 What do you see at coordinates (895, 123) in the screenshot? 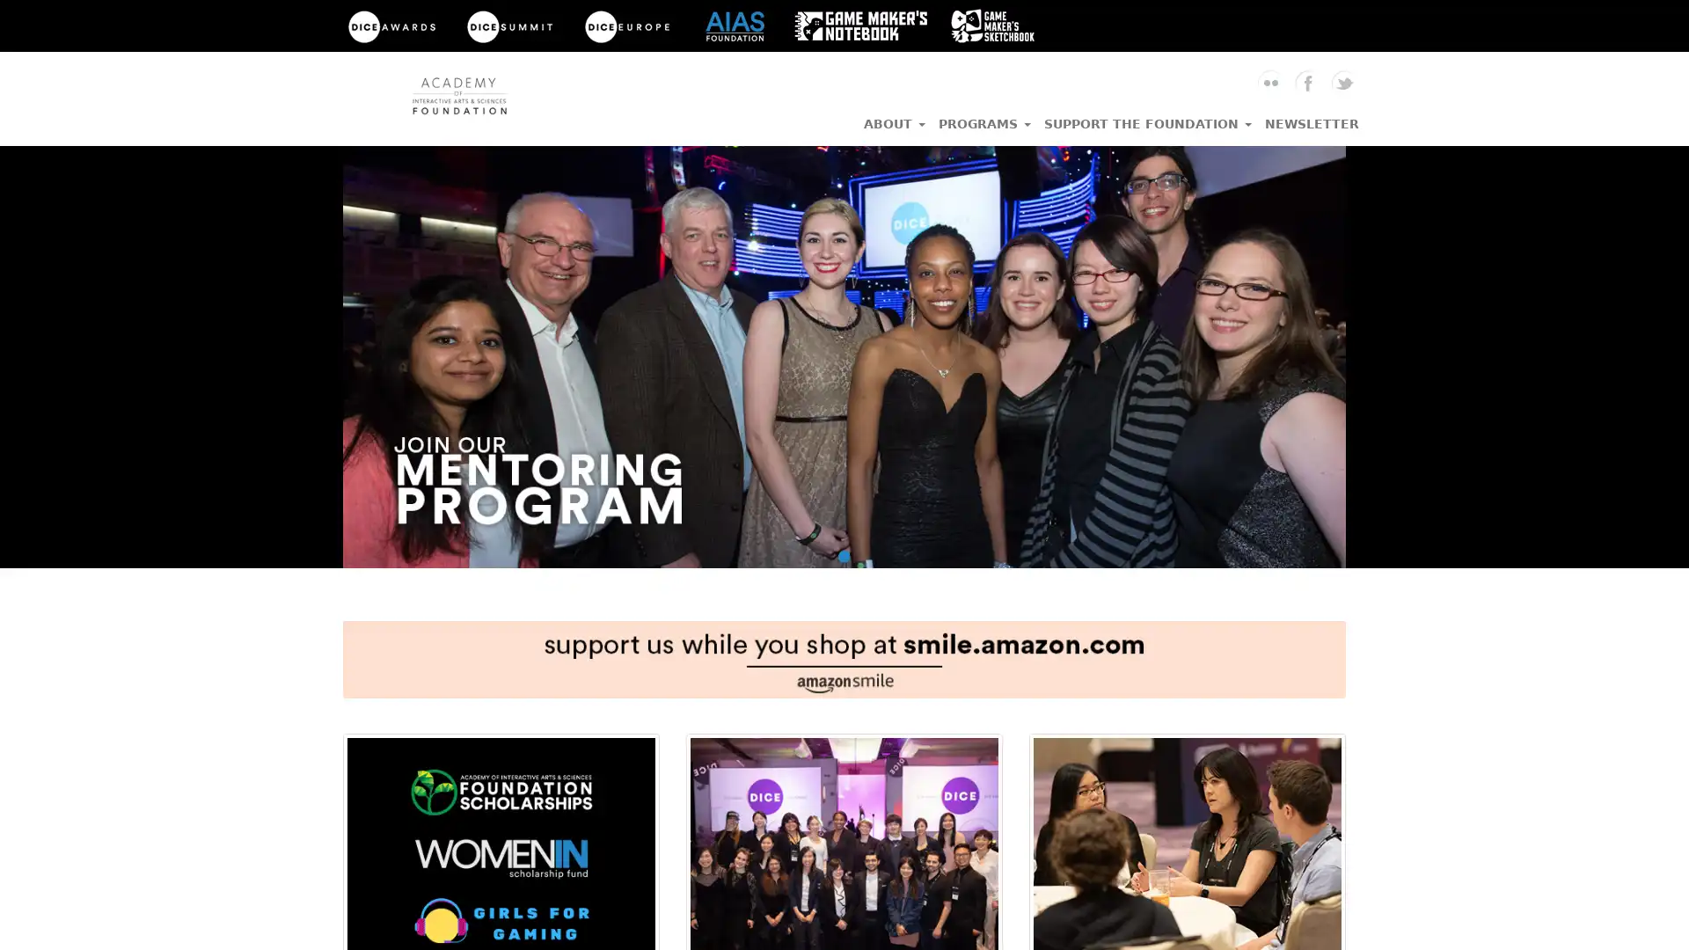
I see `ABOUT` at bounding box center [895, 123].